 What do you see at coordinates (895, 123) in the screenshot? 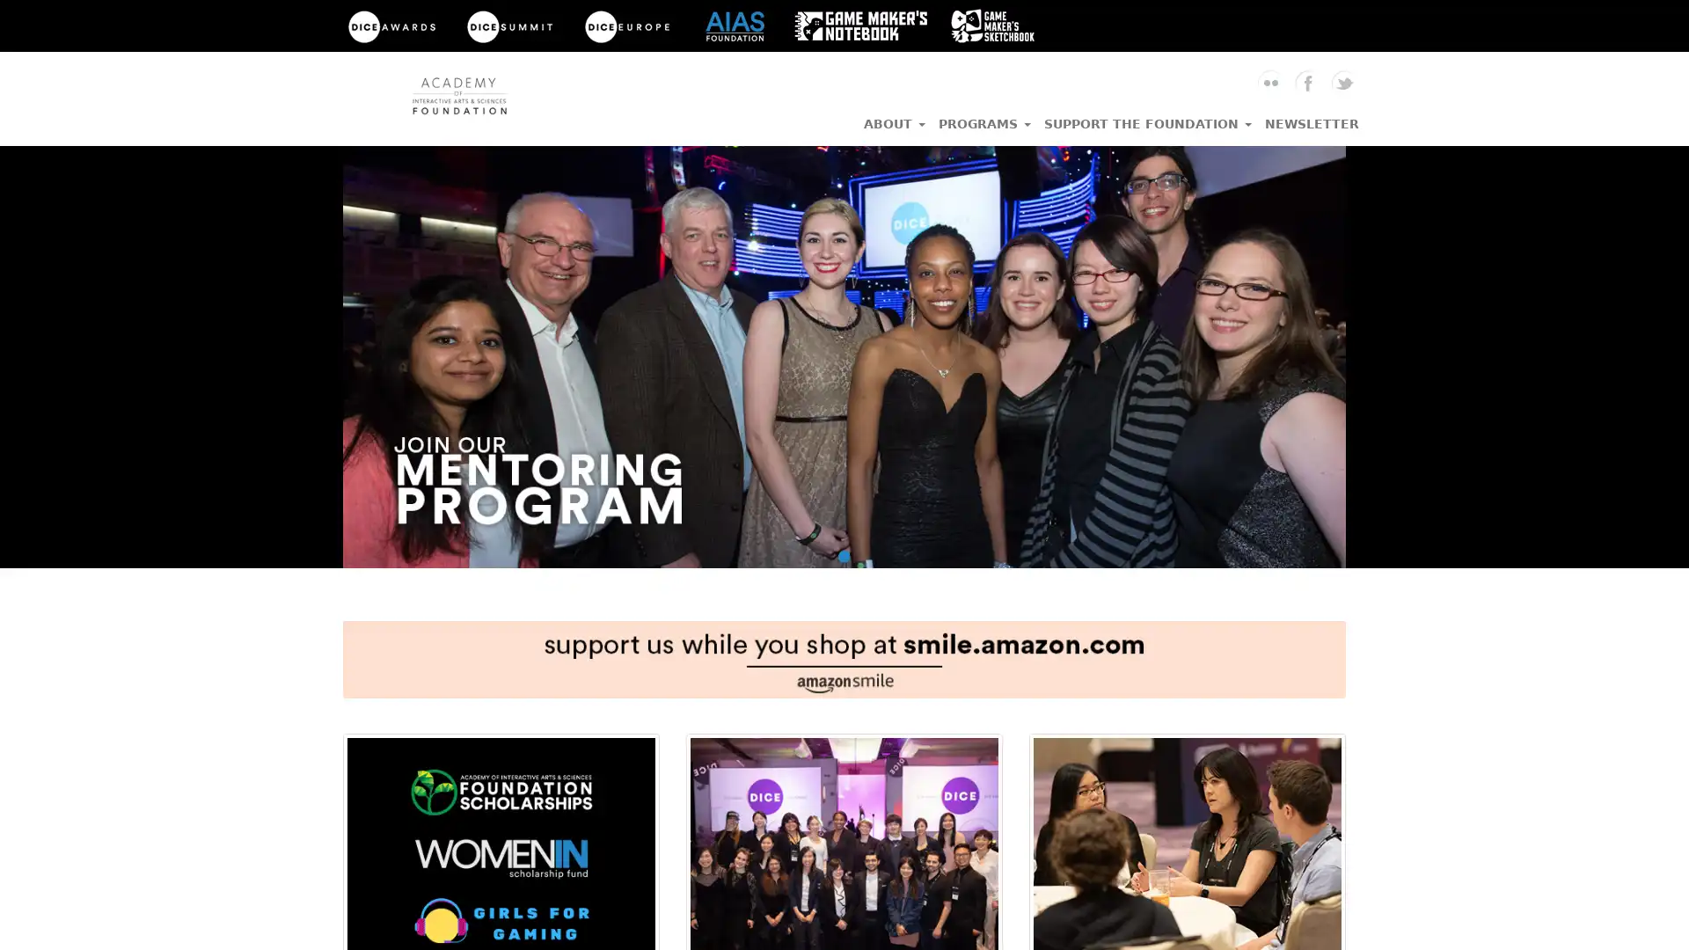
I see `ABOUT` at bounding box center [895, 123].